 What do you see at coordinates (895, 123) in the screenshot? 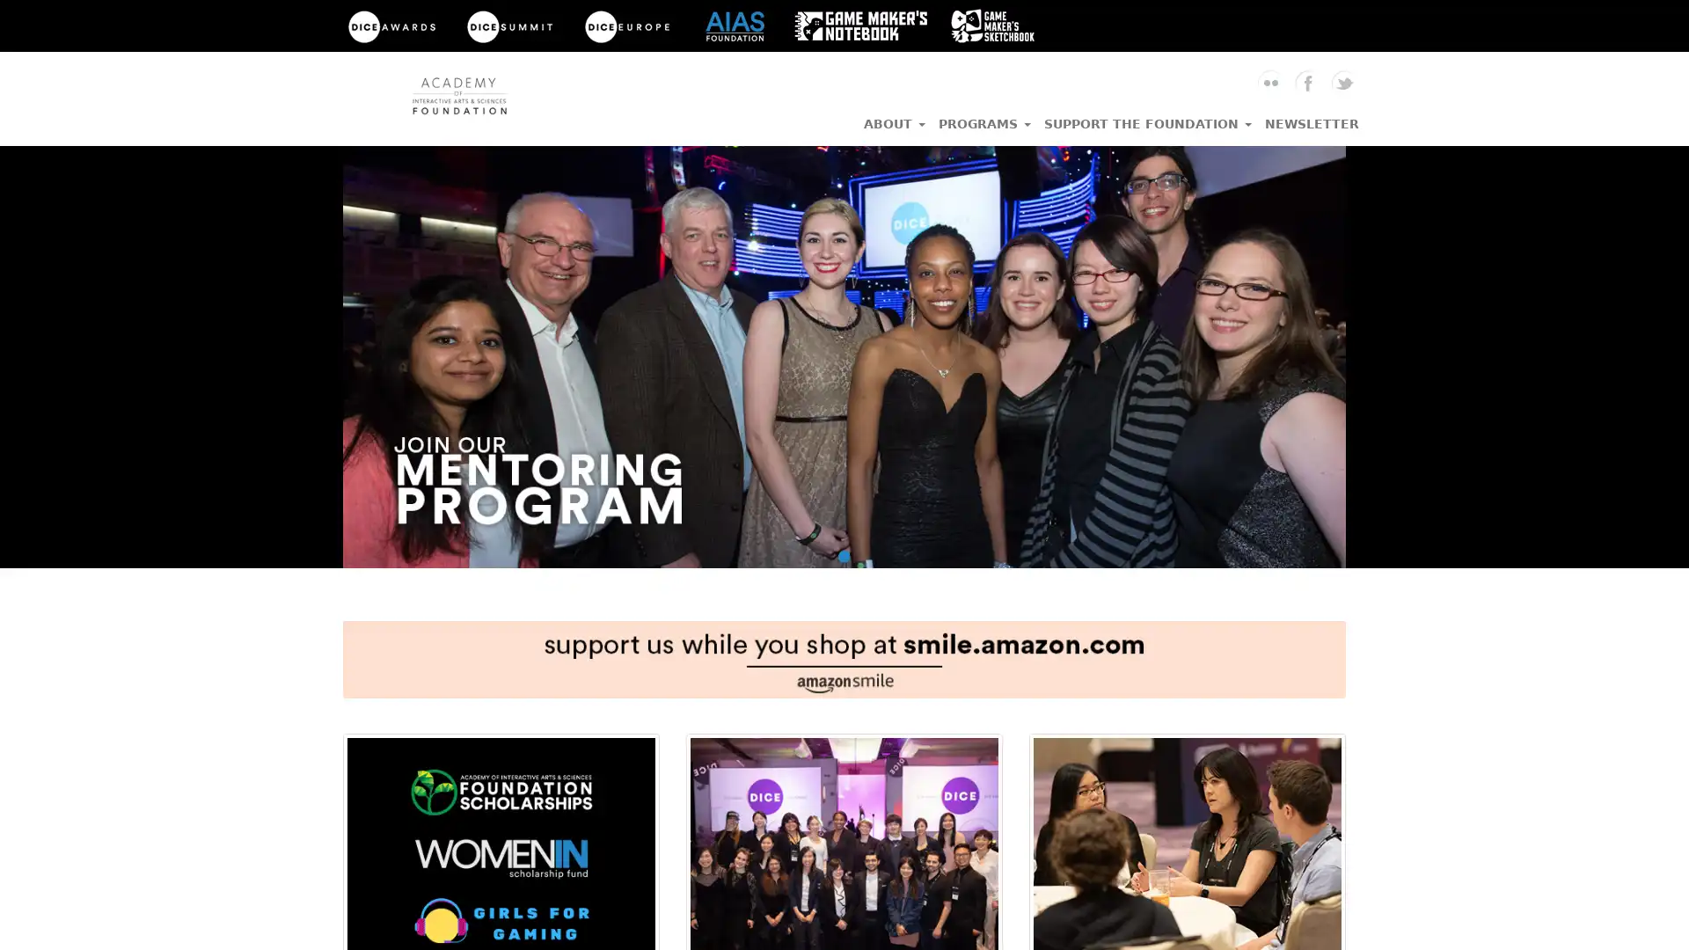
I see `ABOUT` at bounding box center [895, 123].